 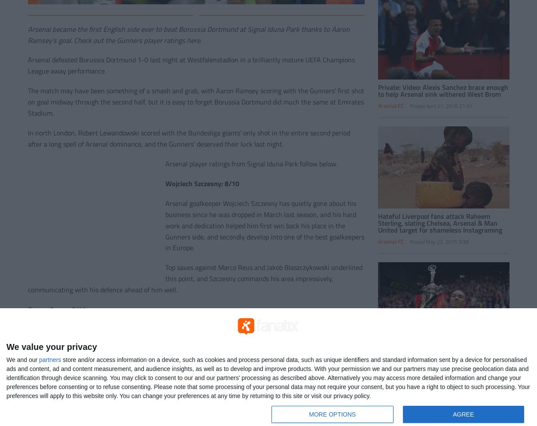 I want to click on 'Arsenal defeated Borussia Dortmund 1-0 last night at Westfalenstadion in a brilliantly mature UEFA Champions League away performance.', so click(x=190, y=65).